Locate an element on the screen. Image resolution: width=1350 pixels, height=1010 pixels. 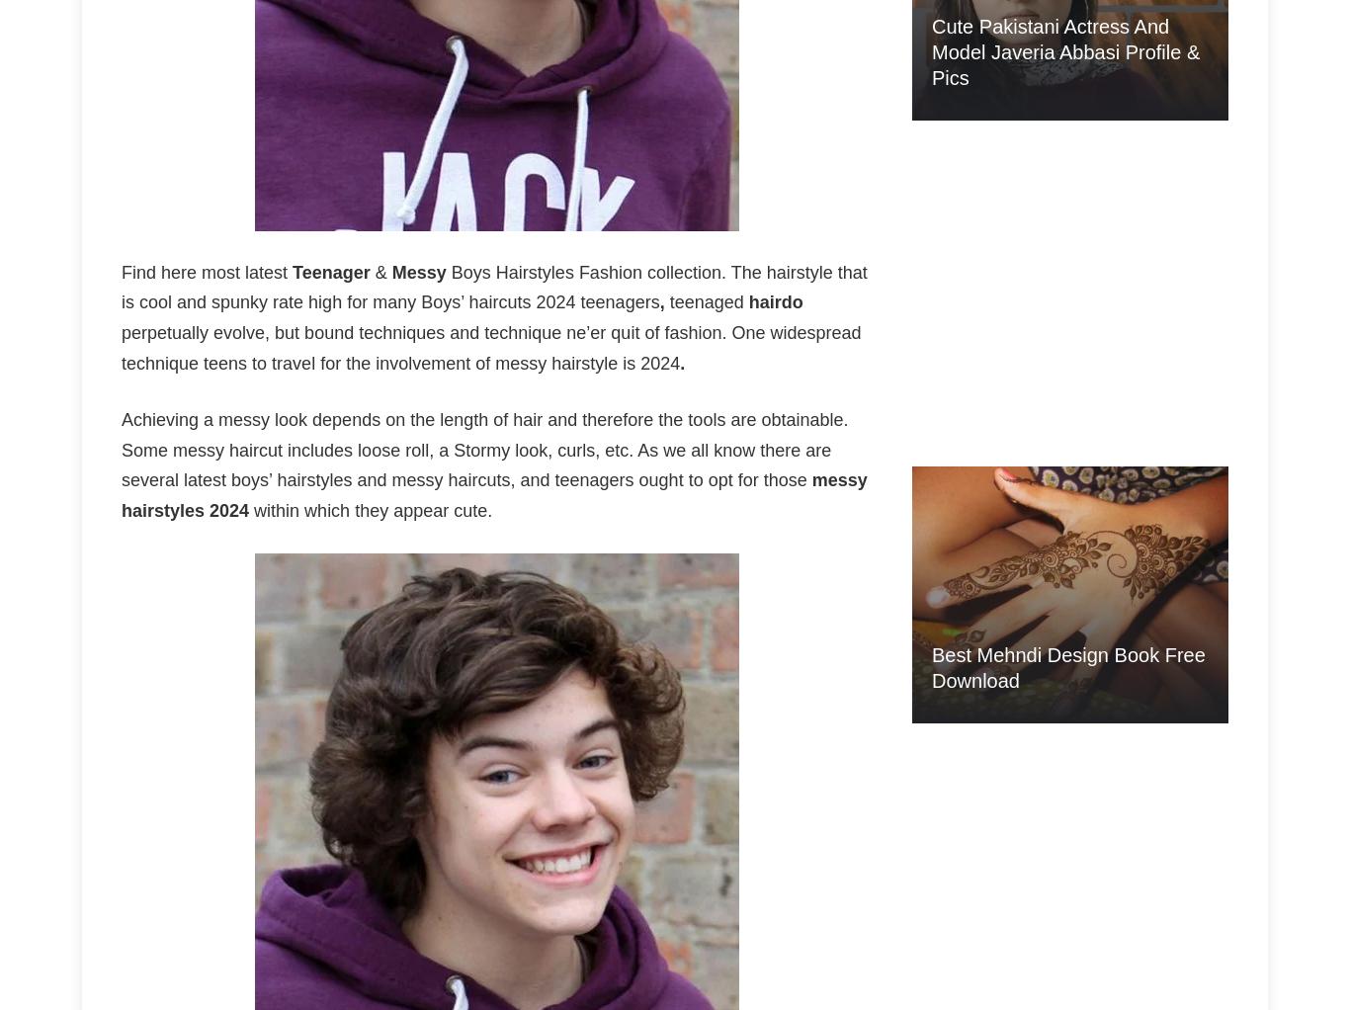
'teenaged' is located at coordinates (706, 300).